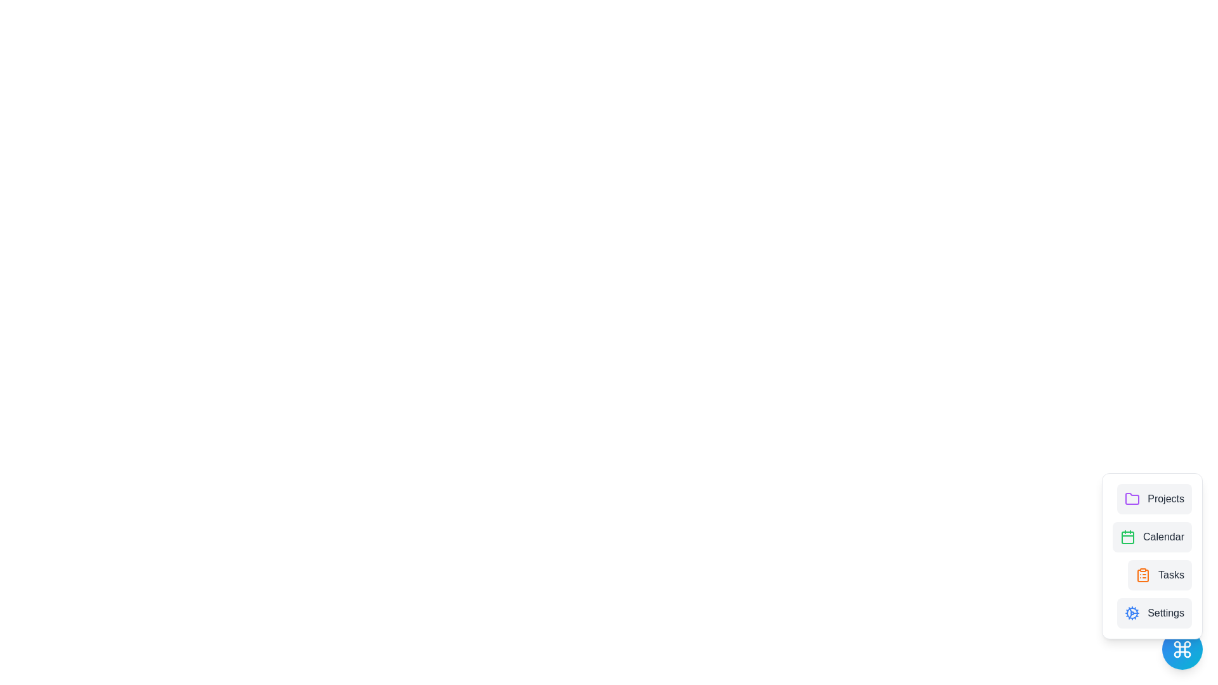 The image size is (1218, 685). Describe the element at coordinates (1151, 537) in the screenshot. I see `the Calendar from the menu` at that location.